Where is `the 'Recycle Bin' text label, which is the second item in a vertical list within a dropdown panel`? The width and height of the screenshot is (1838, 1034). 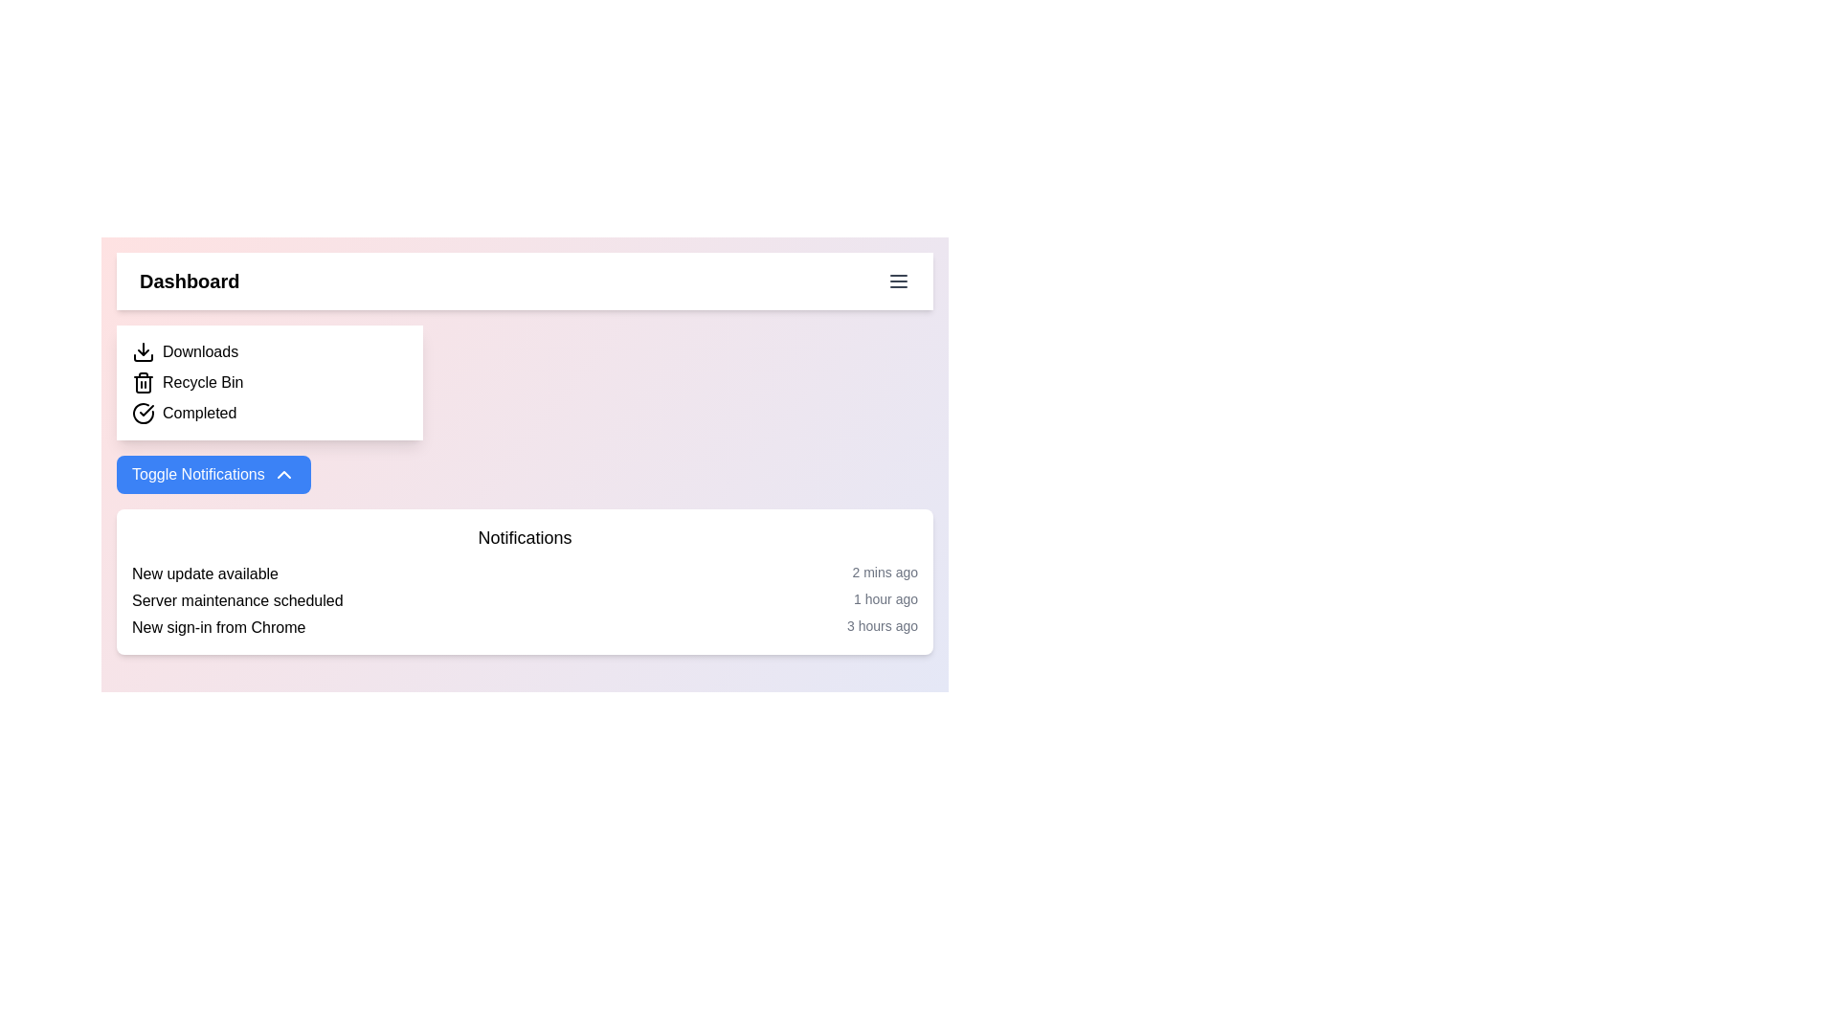 the 'Recycle Bin' text label, which is the second item in a vertical list within a dropdown panel is located at coordinates (203, 383).